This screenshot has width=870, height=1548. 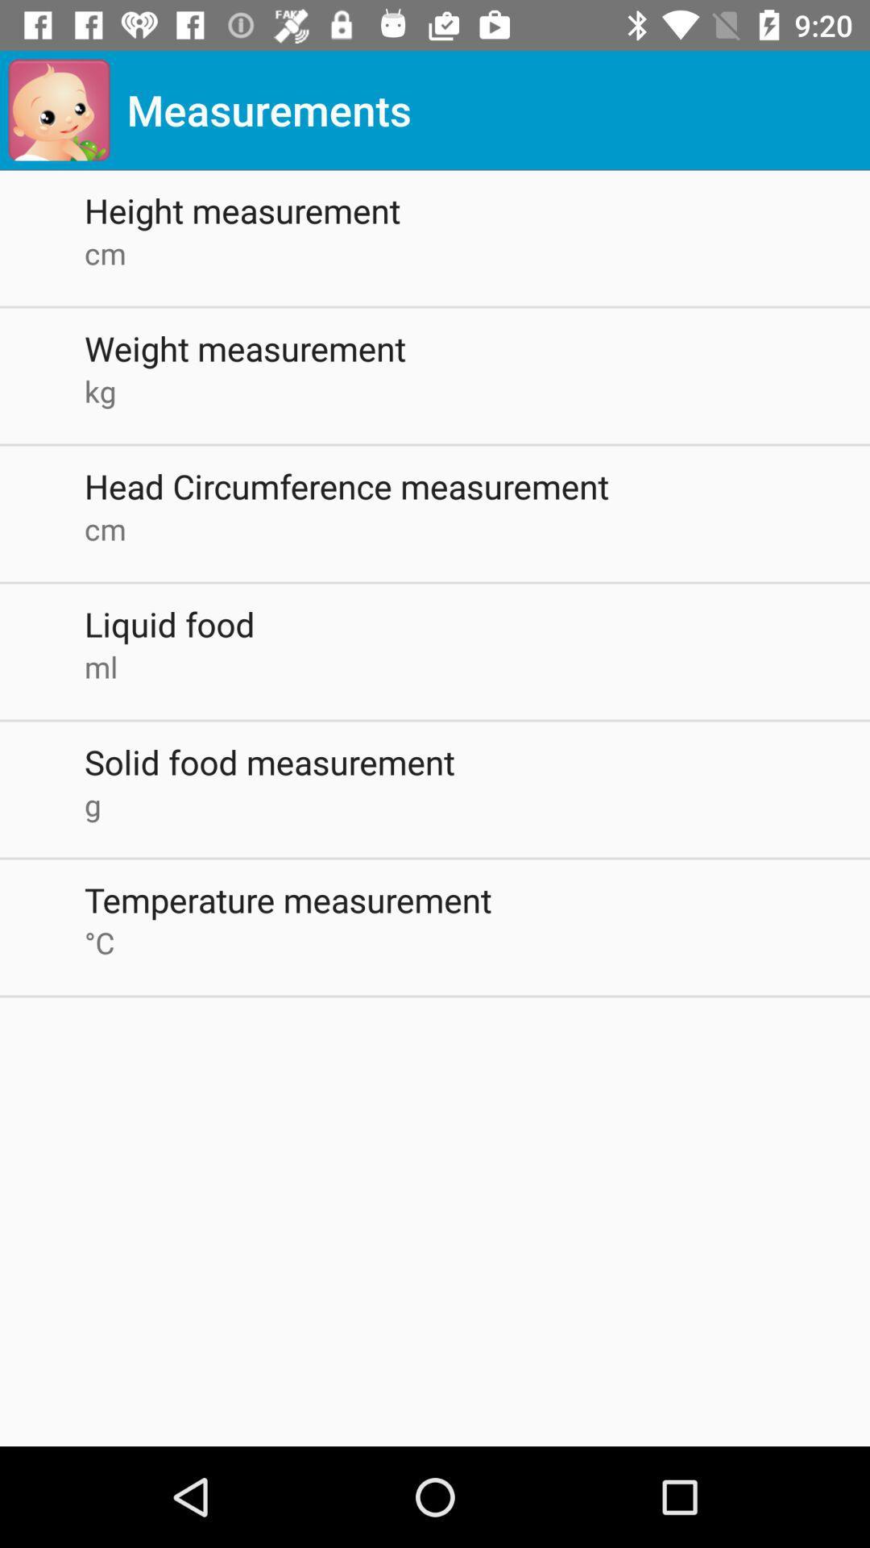 I want to click on icon below the cm icon, so click(x=476, y=347).